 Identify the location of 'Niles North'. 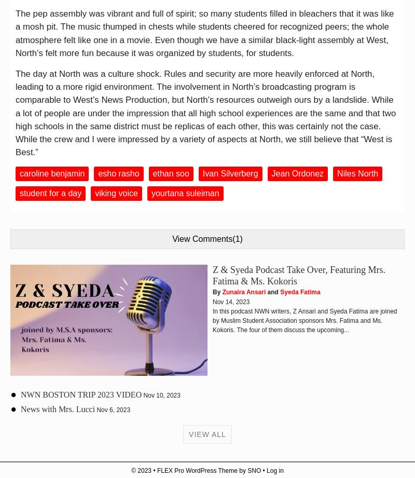
(337, 173).